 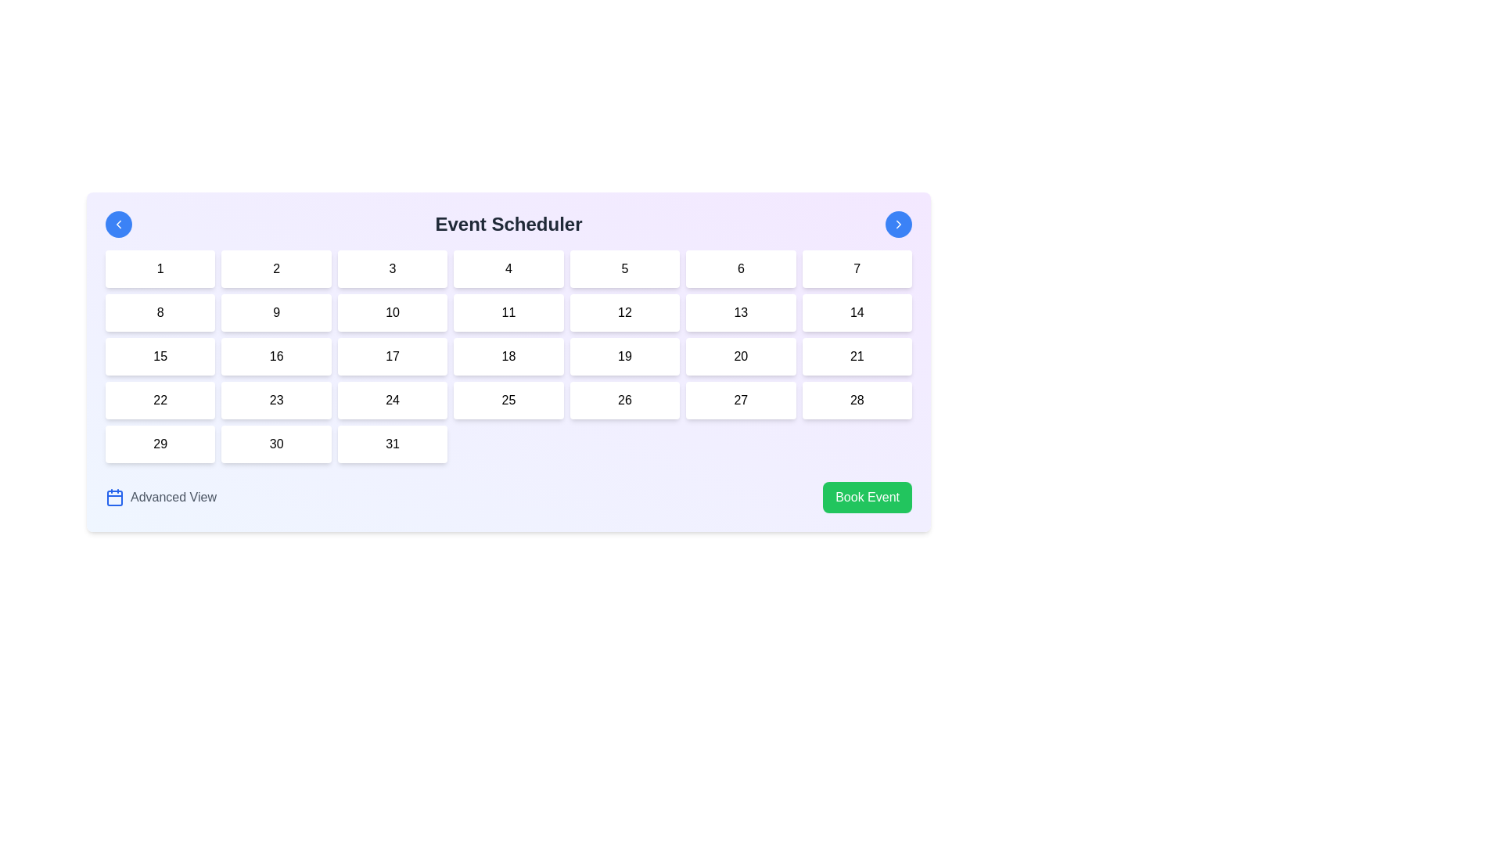 I want to click on the button representing a selectable number in the calendar view located in the second row and first column of the grid layout, so click(x=160, y=313).